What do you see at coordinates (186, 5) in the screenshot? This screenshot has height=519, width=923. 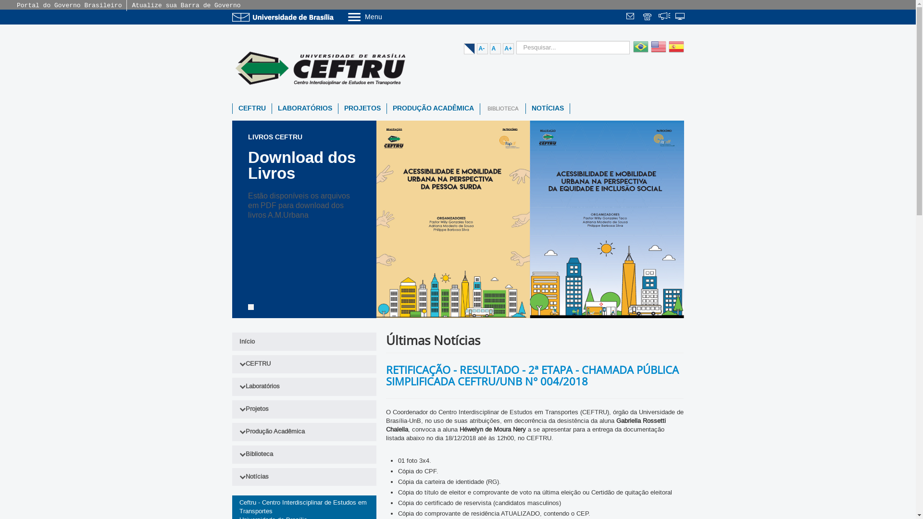 I see `'Atualize sua Barra de Governo'` at bounding box center [186, 5].